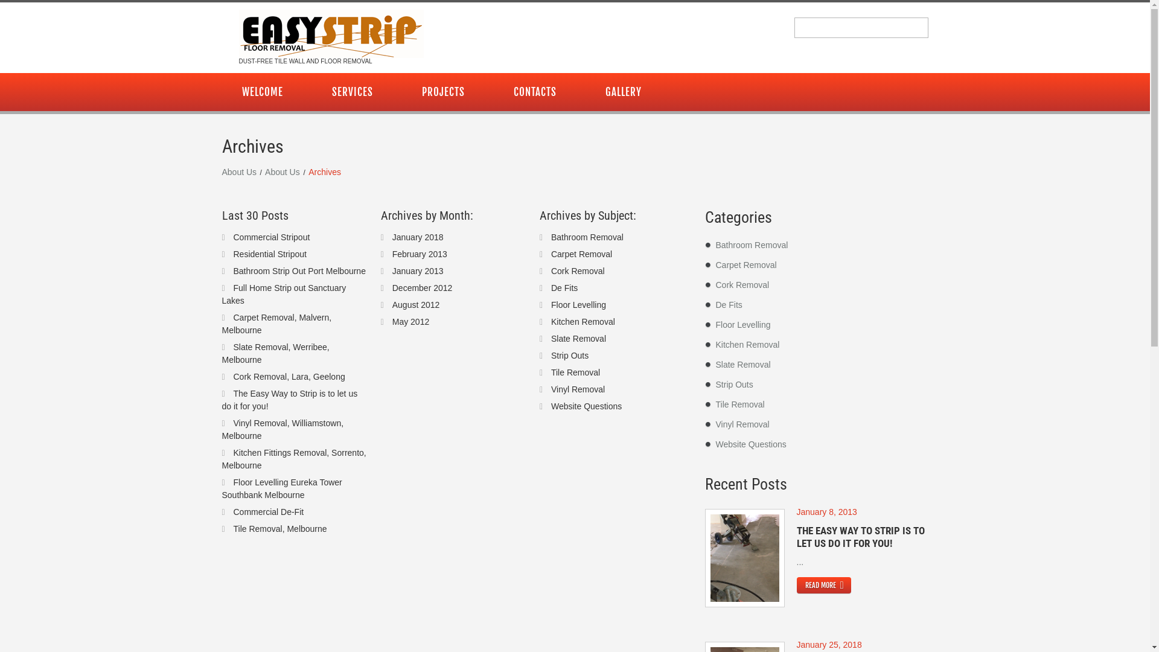  I want to click on 'May 2012', so click(410, 321).